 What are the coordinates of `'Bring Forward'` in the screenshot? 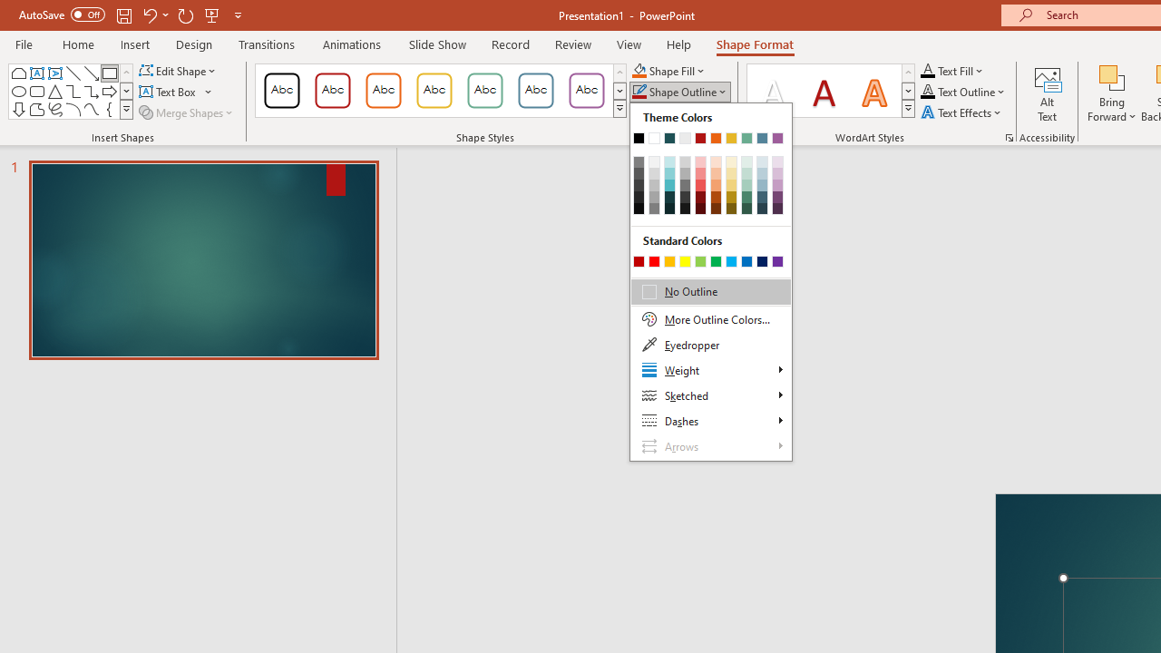 It's located at (1111, 93).